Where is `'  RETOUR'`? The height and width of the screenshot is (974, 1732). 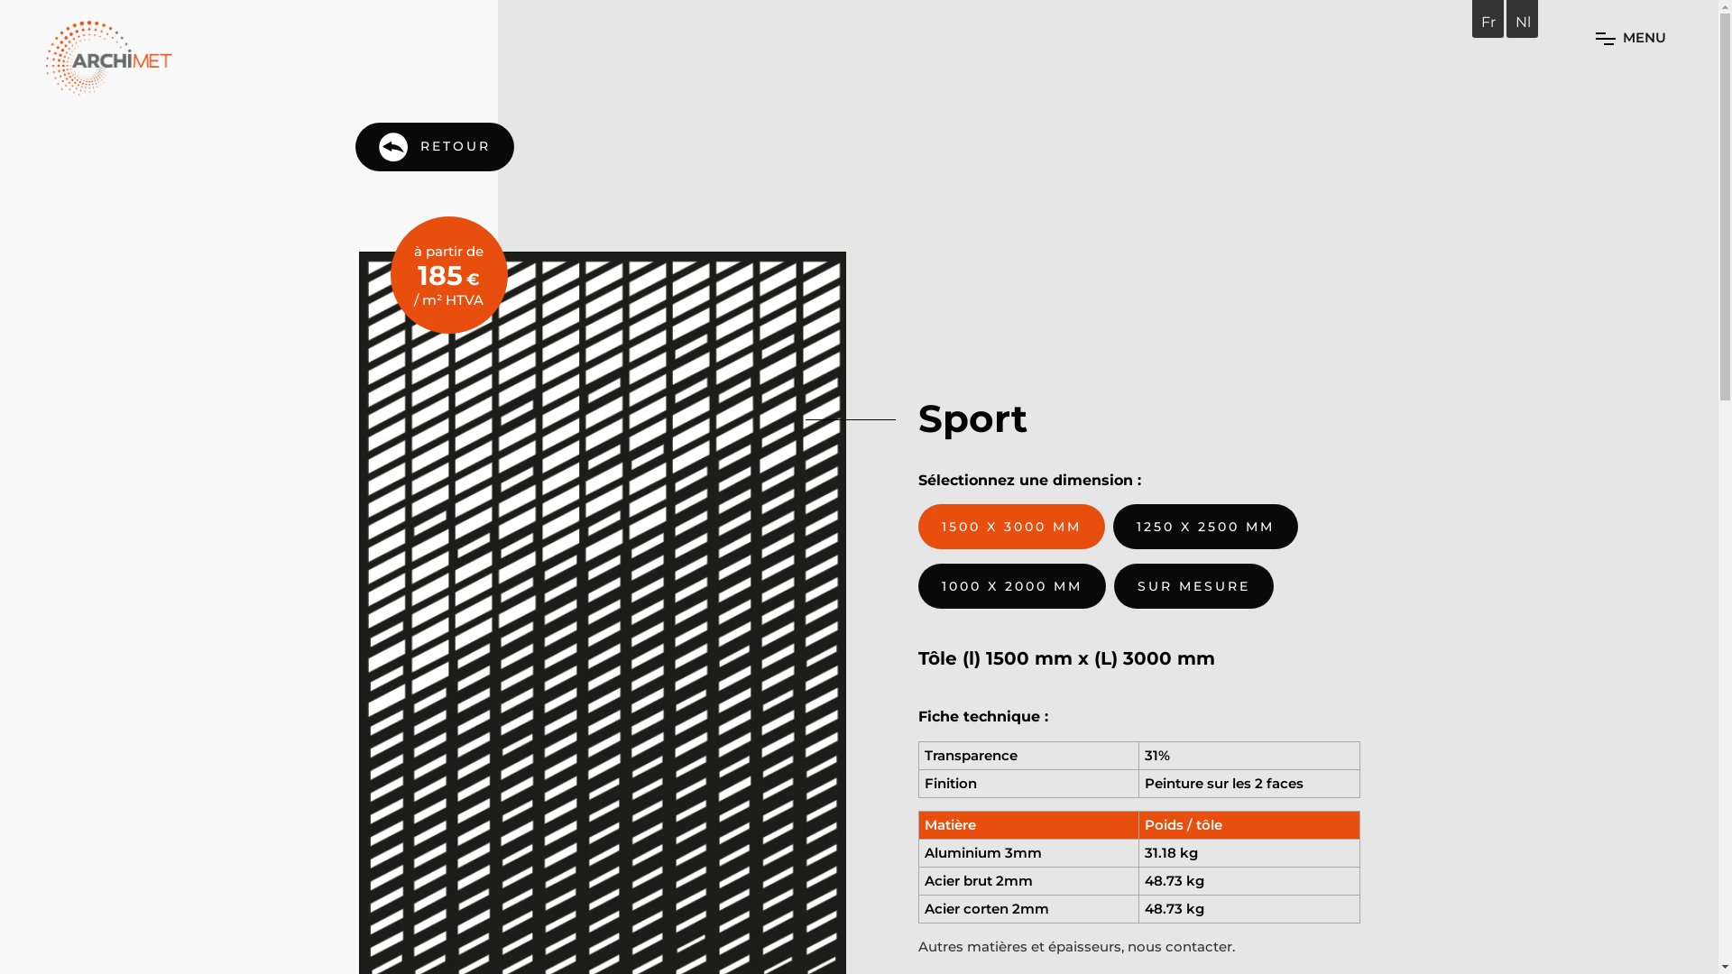
'  RETOUR' is located at coordinates (434, 145).